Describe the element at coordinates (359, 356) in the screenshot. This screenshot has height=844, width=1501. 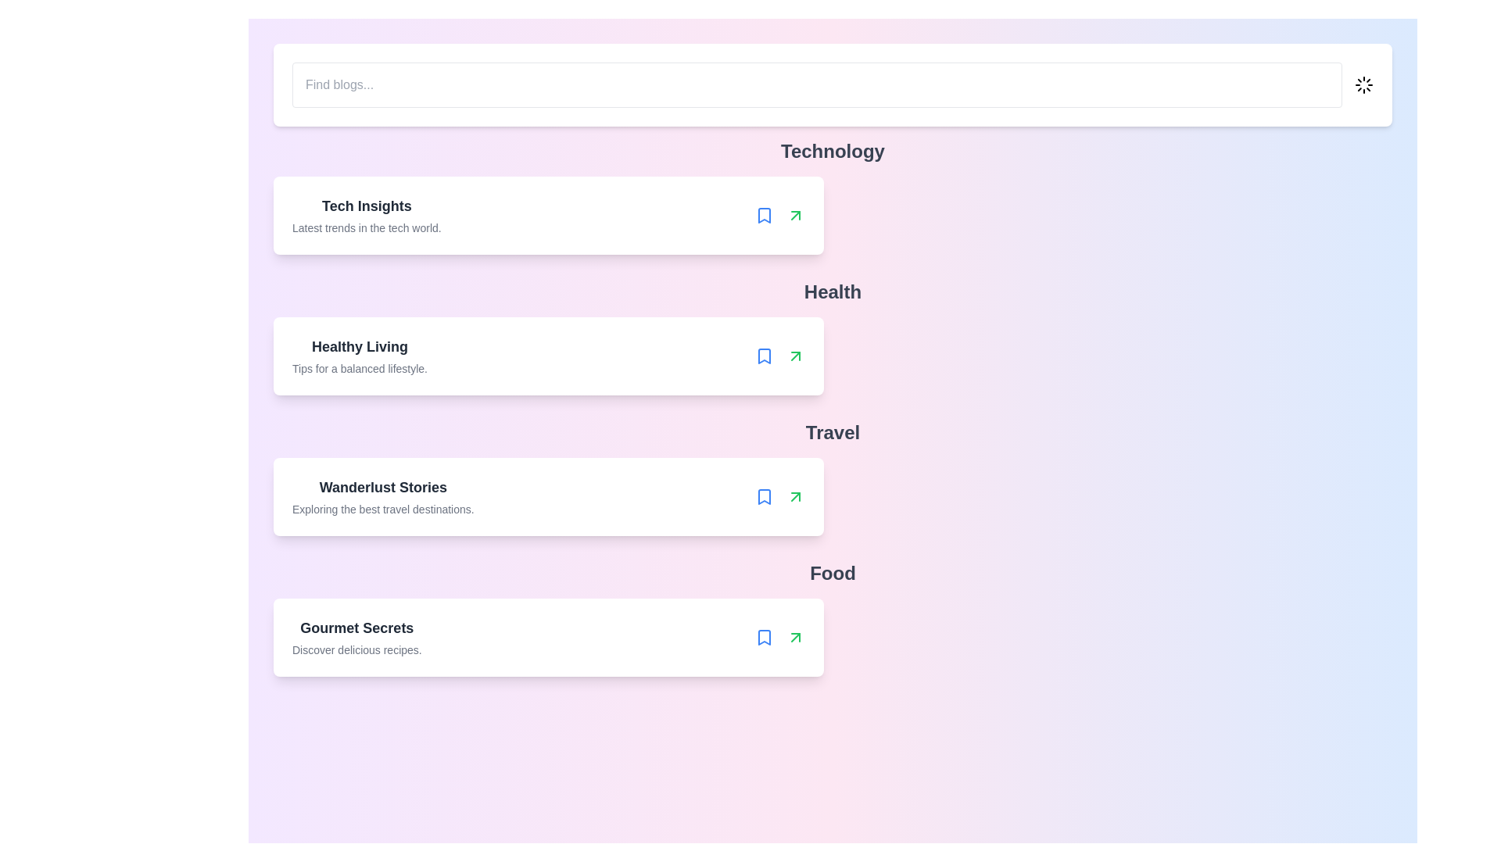
I see `the 'Healthy Living' text block, which is the second card in the 'Health' category, located directly below the 'Tech Insights' card` at that location.